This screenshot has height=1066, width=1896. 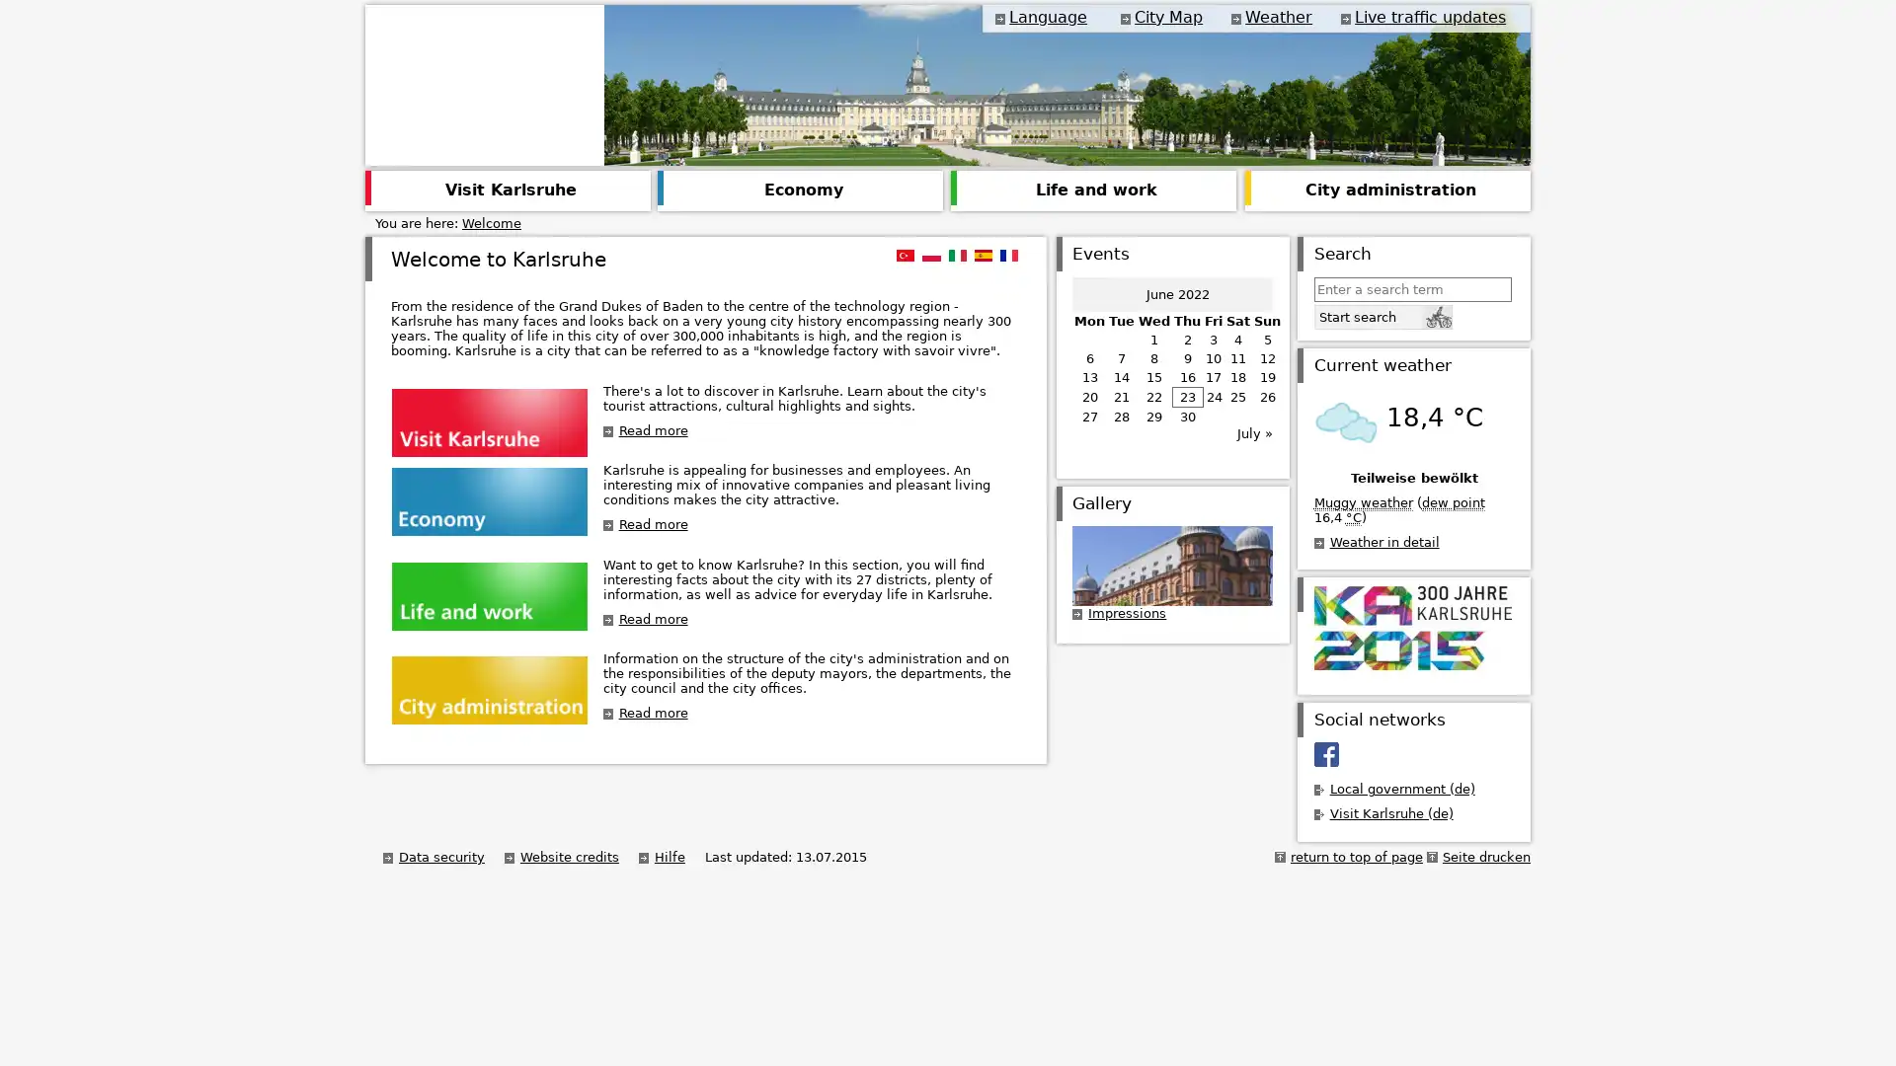 What do you see at coordinates (1382, 315) in the screenshot?
I see `Start search` at bounding box center [1382, 315].